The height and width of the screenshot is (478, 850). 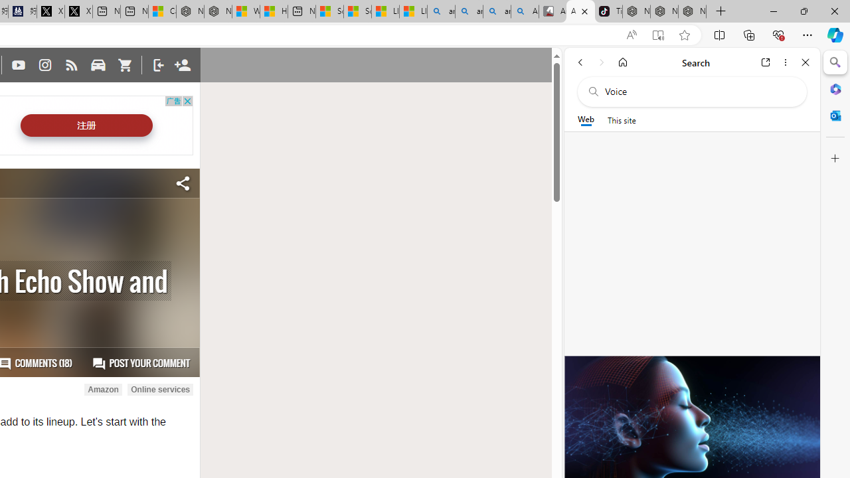 I want to click on 'Customize', so click(x=835, y=158).